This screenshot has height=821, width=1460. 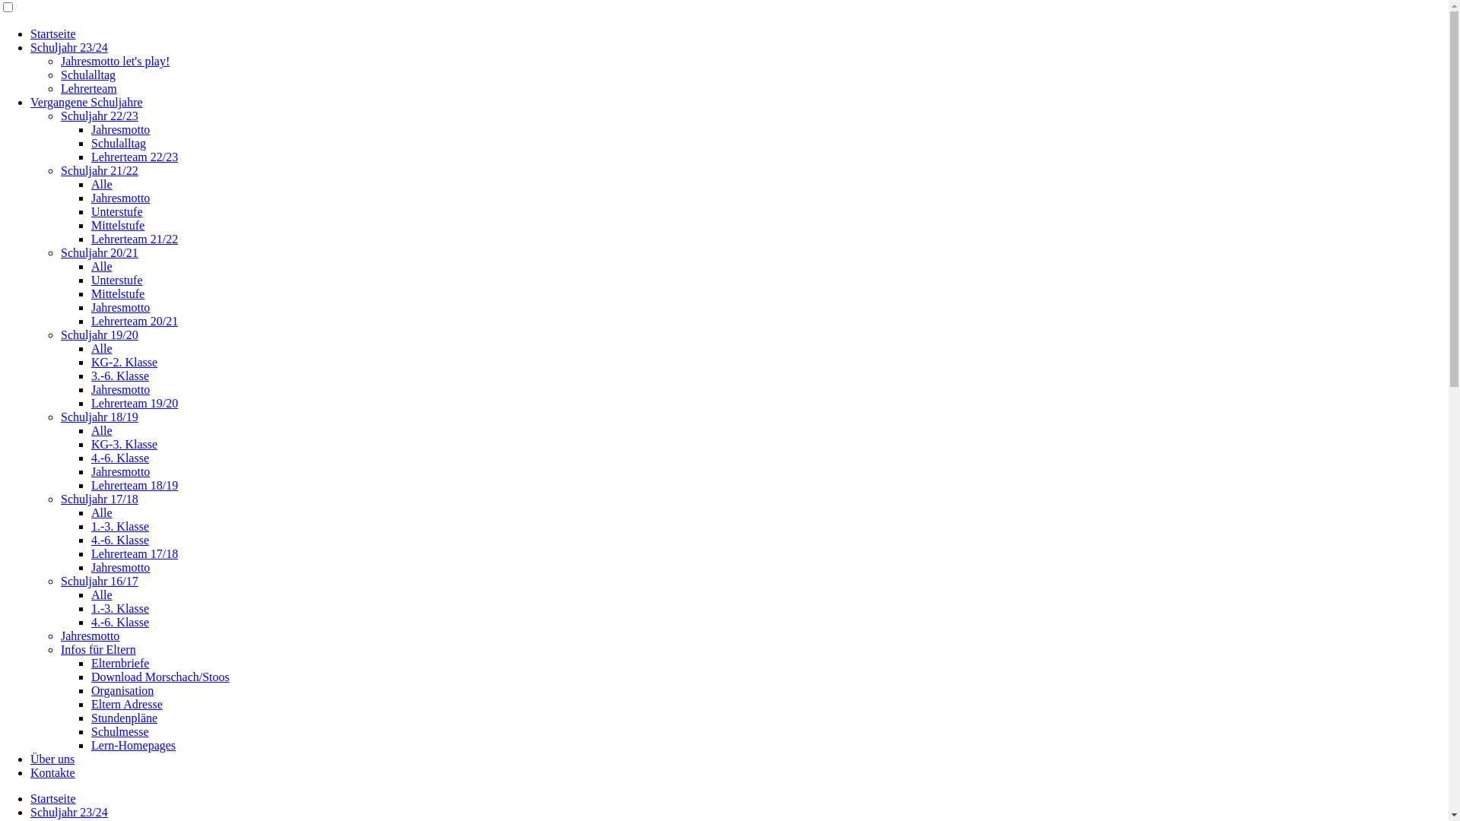 What do you see at coordinates (98, 115) in the screenshot?
I see `'Schuljahr 22/23'` at bounding box center [98, 115].